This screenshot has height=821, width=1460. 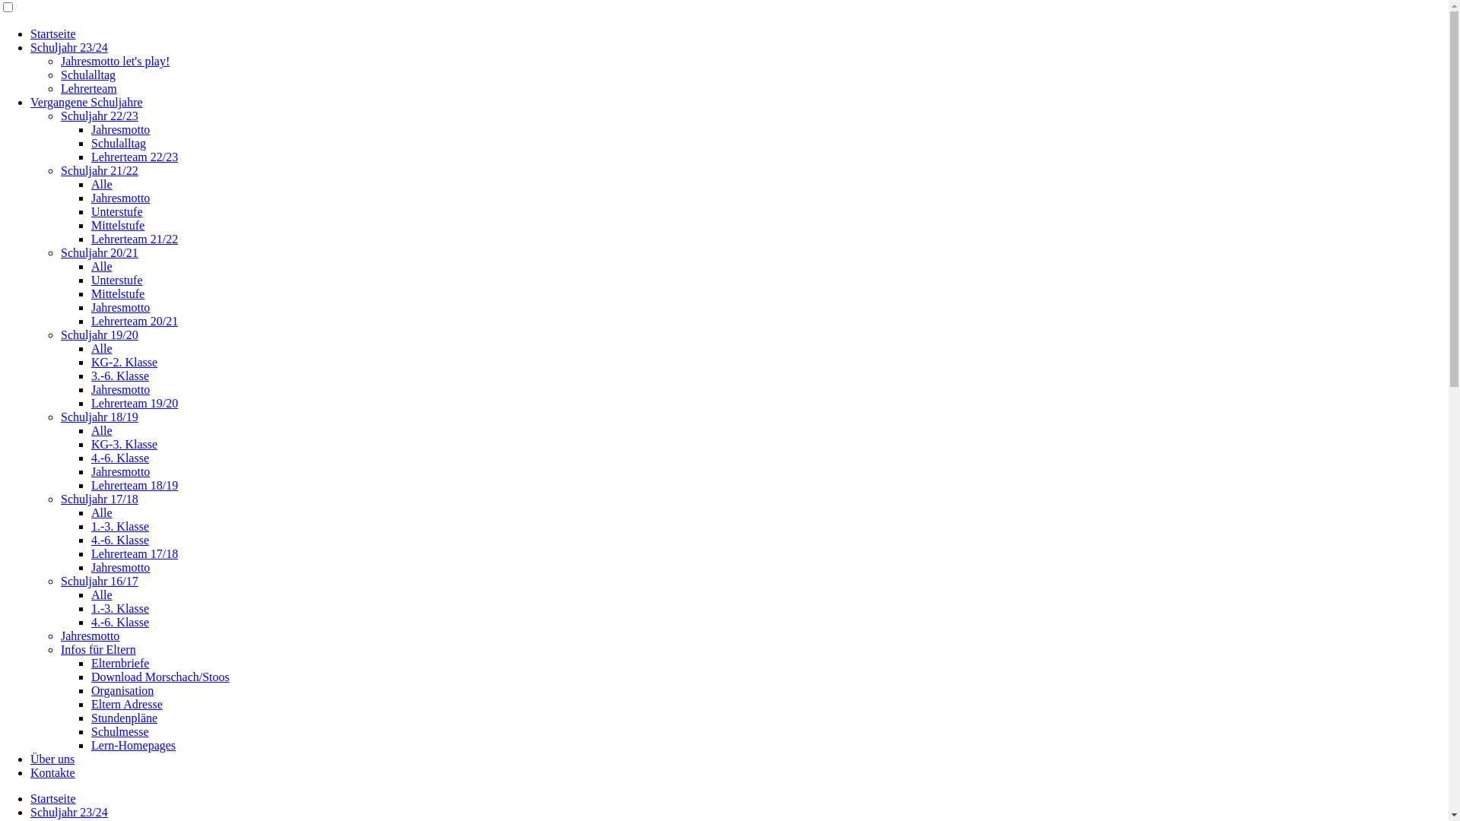 What do you see at coordinates (98, 115) in the screenshot?
I see `'Schuljahr 22/23'` at bounding box center [98, 115].